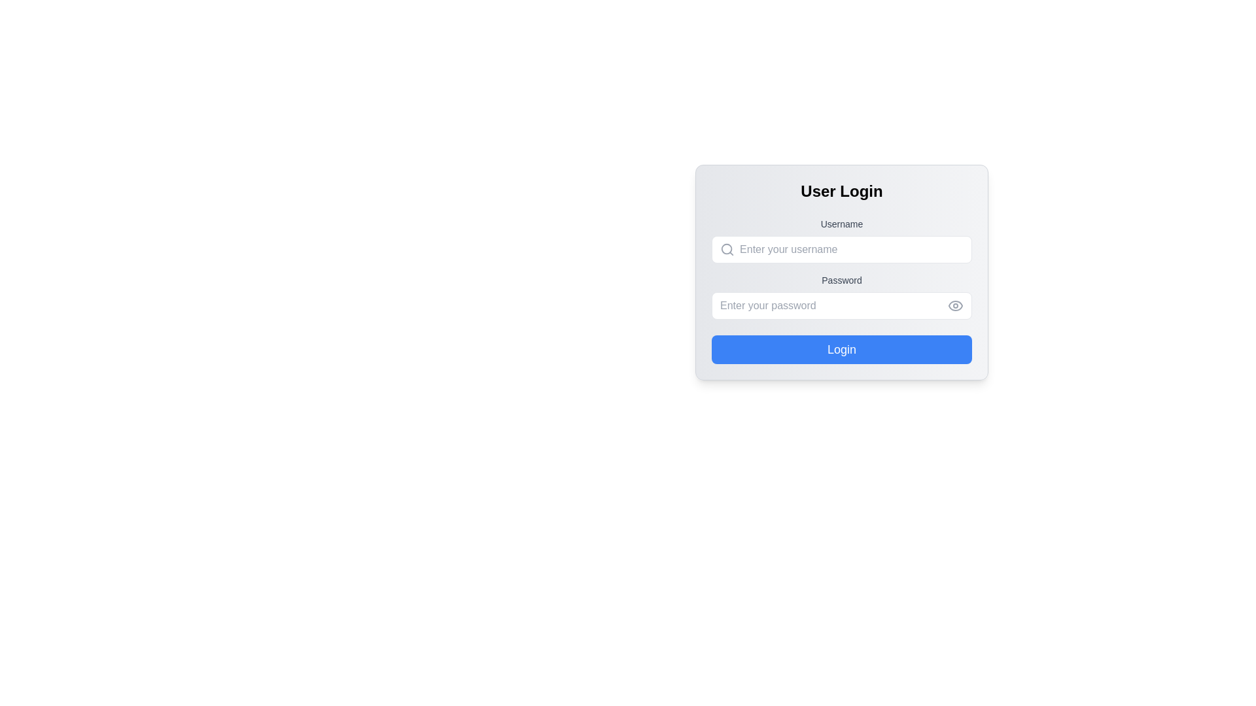 Image resolution: width=1256 pixels, height=706 pixels. I want to click on the Password input field located centrally beneath the Username input for focusing on it, so click(833, 305).